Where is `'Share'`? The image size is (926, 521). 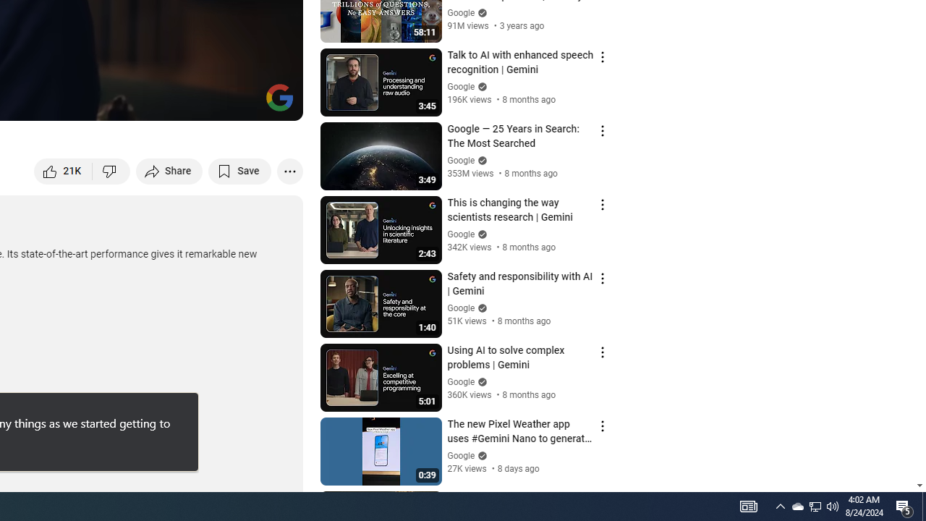 'Share' is located at coordinates (169, 170).